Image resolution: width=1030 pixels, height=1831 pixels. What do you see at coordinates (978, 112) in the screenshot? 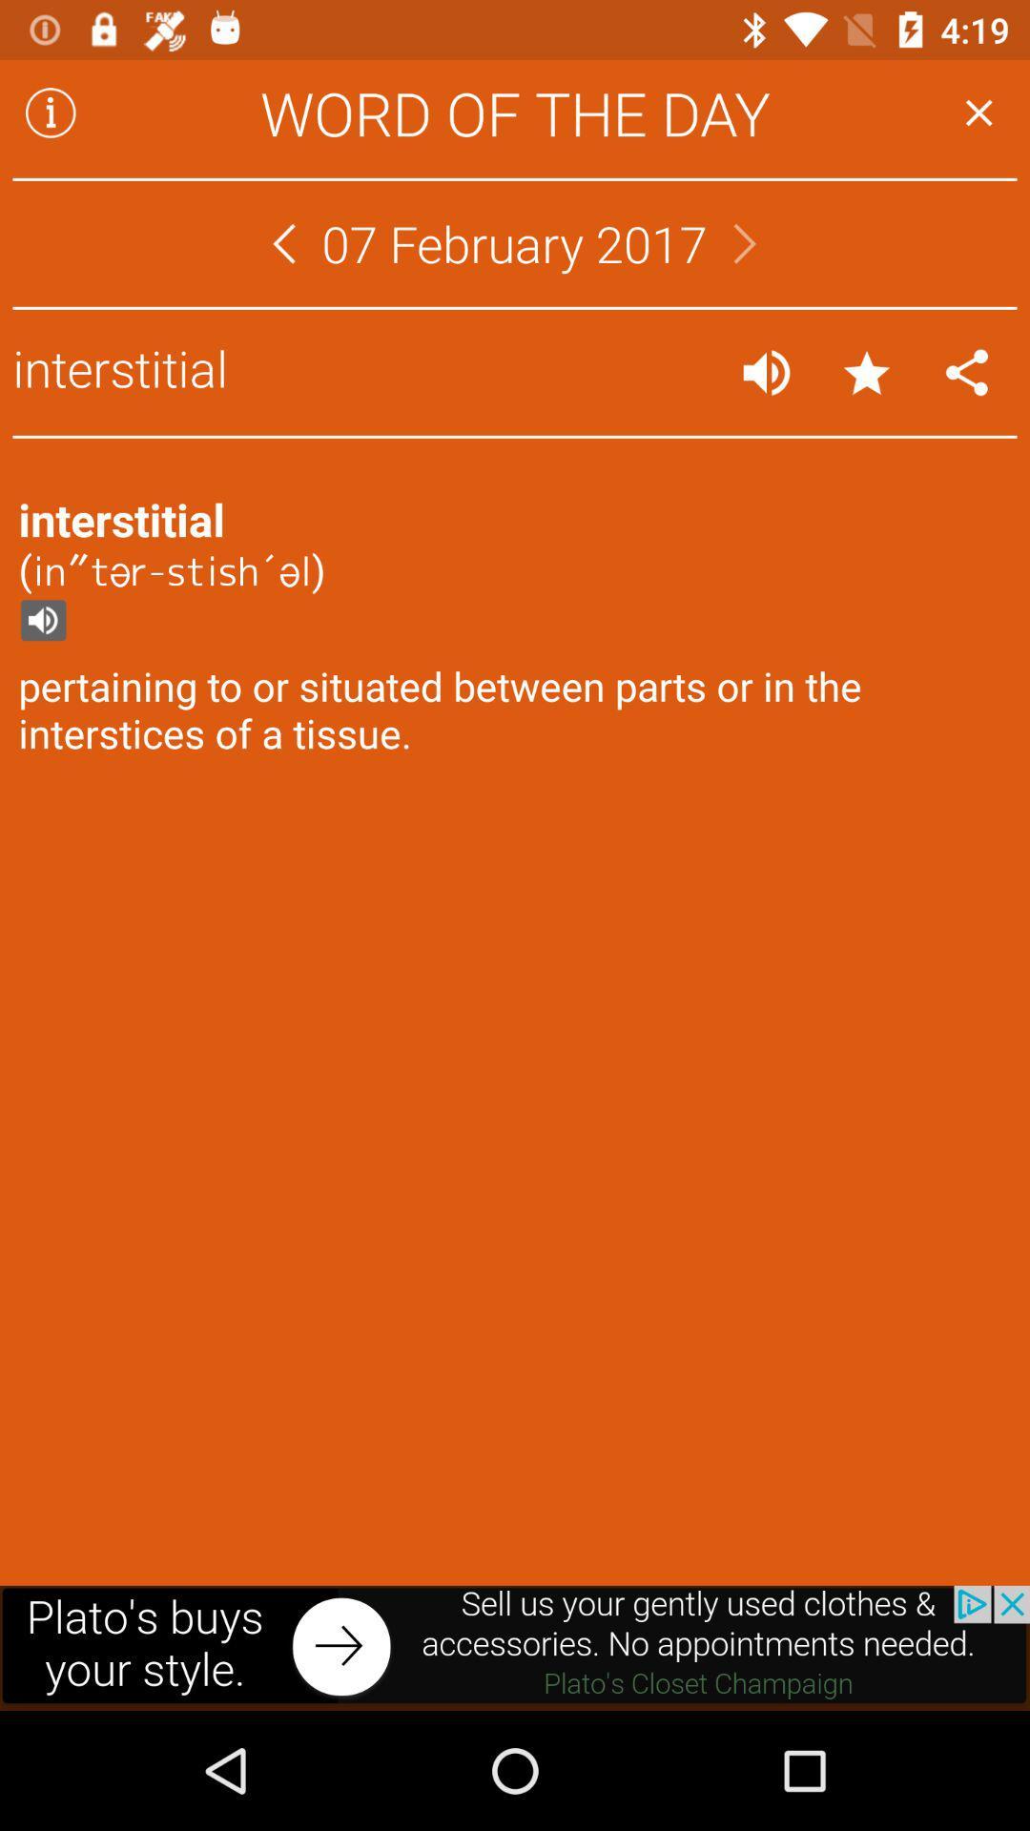
I see `exit word of the day` at bounding box center [978, 112].